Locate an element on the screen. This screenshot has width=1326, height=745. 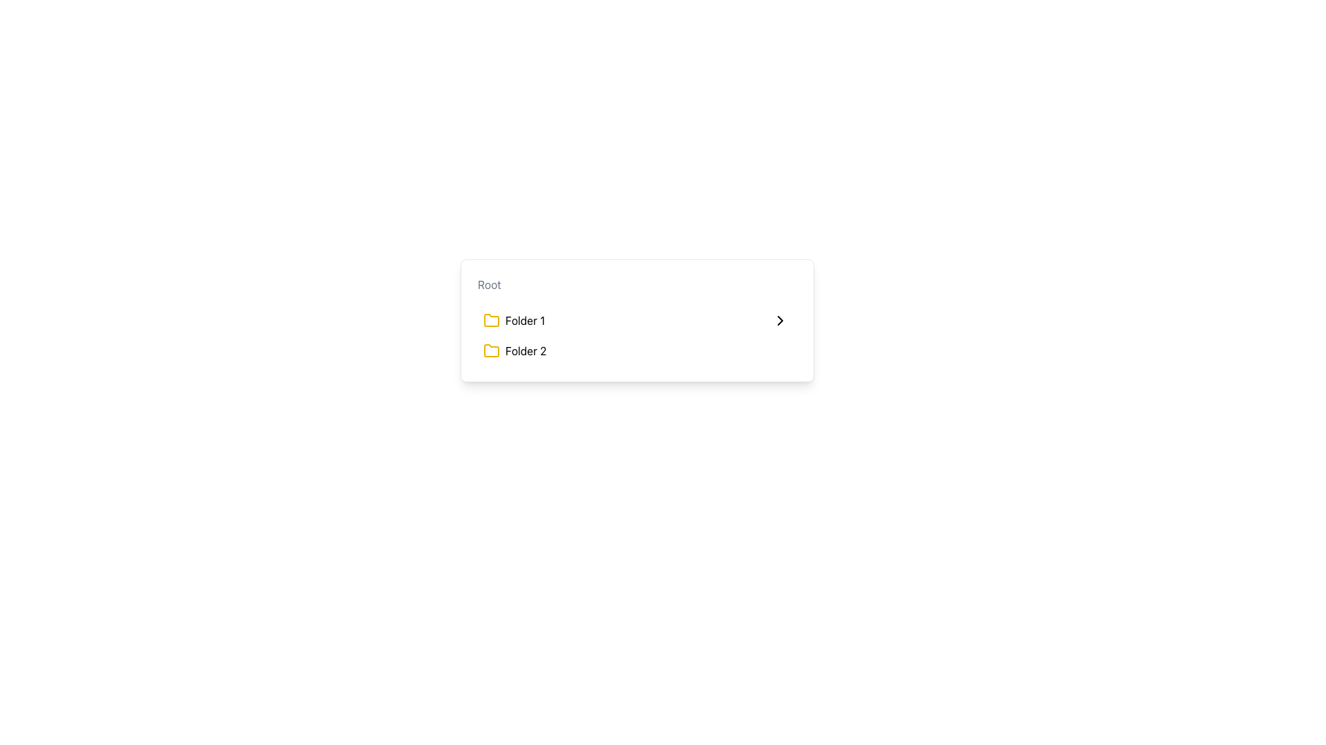
the Chevron icon located on the far right of the row labeled 'Folder 1' is located at coordinates (780, 321).